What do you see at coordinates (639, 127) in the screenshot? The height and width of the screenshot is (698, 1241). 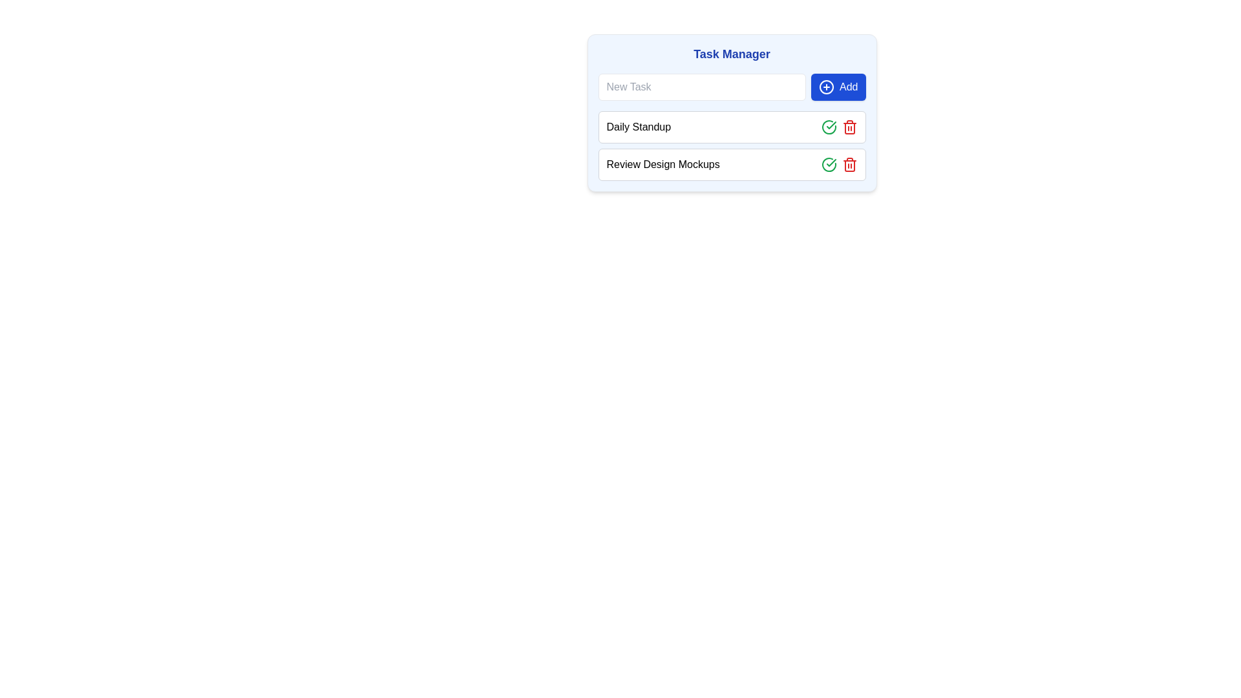 I see `the 'Daily Standup' static text label located in the upper task item of the task list in the 'Task Manager' interface` at bounding box center [639, 127].